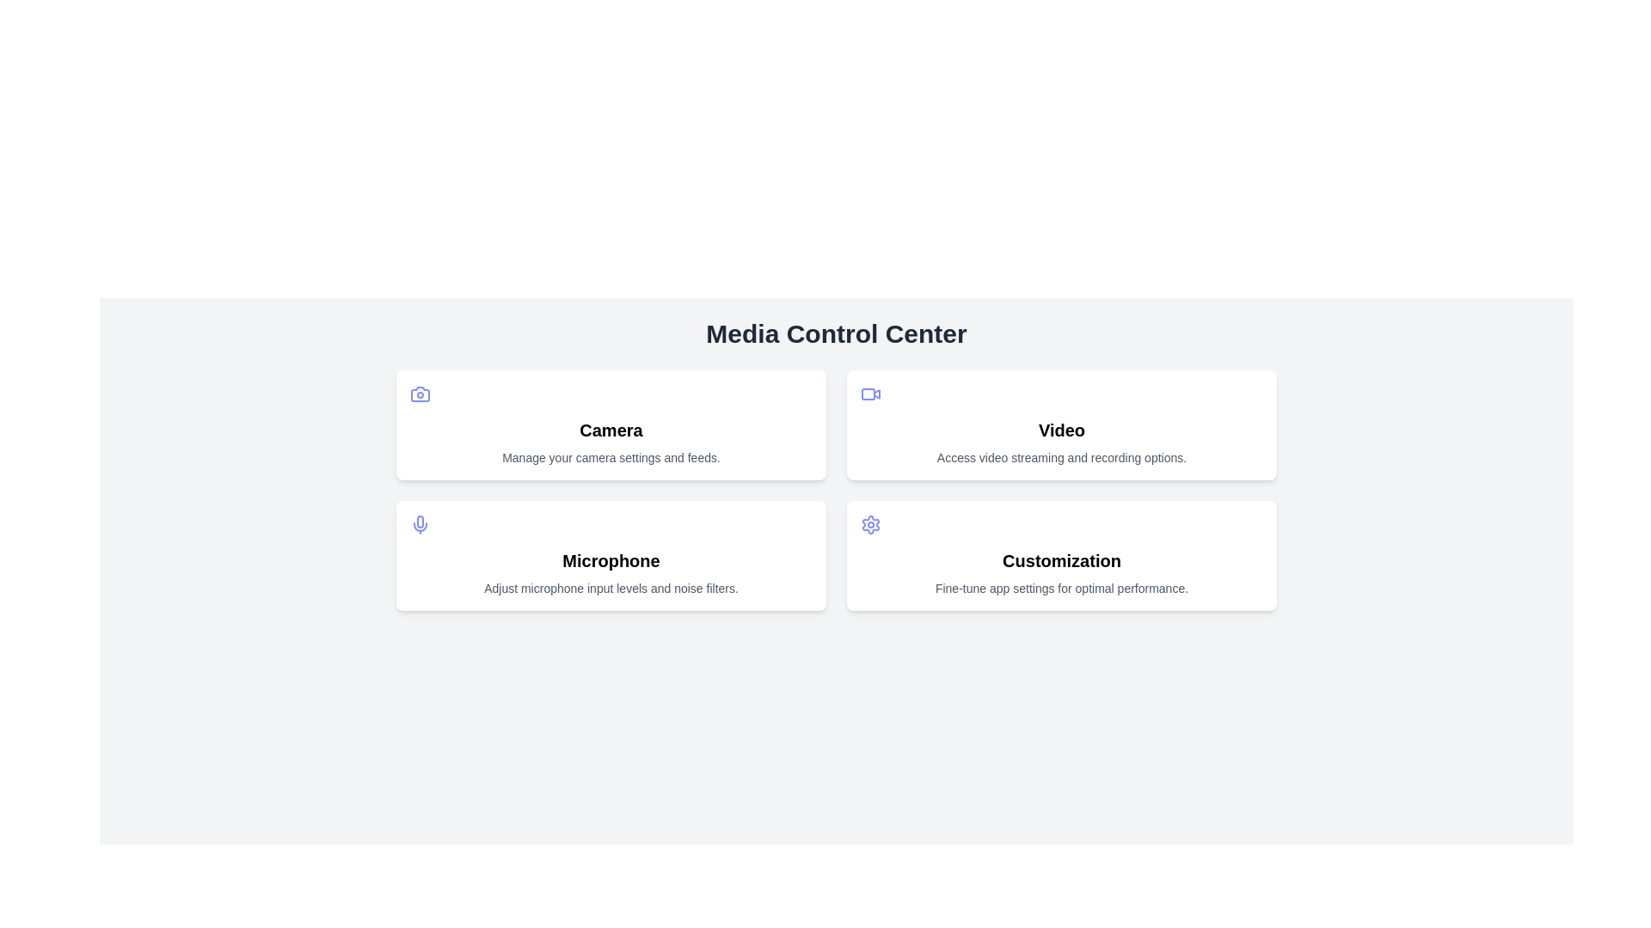 The width and height of the screenshot is (1651, 928). What do you see at coordinates (611, 560) in the screenshot?
I see `the 'Microphone' text label, which serves as the title for the microphone section, located in the first column of the second row of a 2x2 grid of interface cards` at bounding box center [611, 560].